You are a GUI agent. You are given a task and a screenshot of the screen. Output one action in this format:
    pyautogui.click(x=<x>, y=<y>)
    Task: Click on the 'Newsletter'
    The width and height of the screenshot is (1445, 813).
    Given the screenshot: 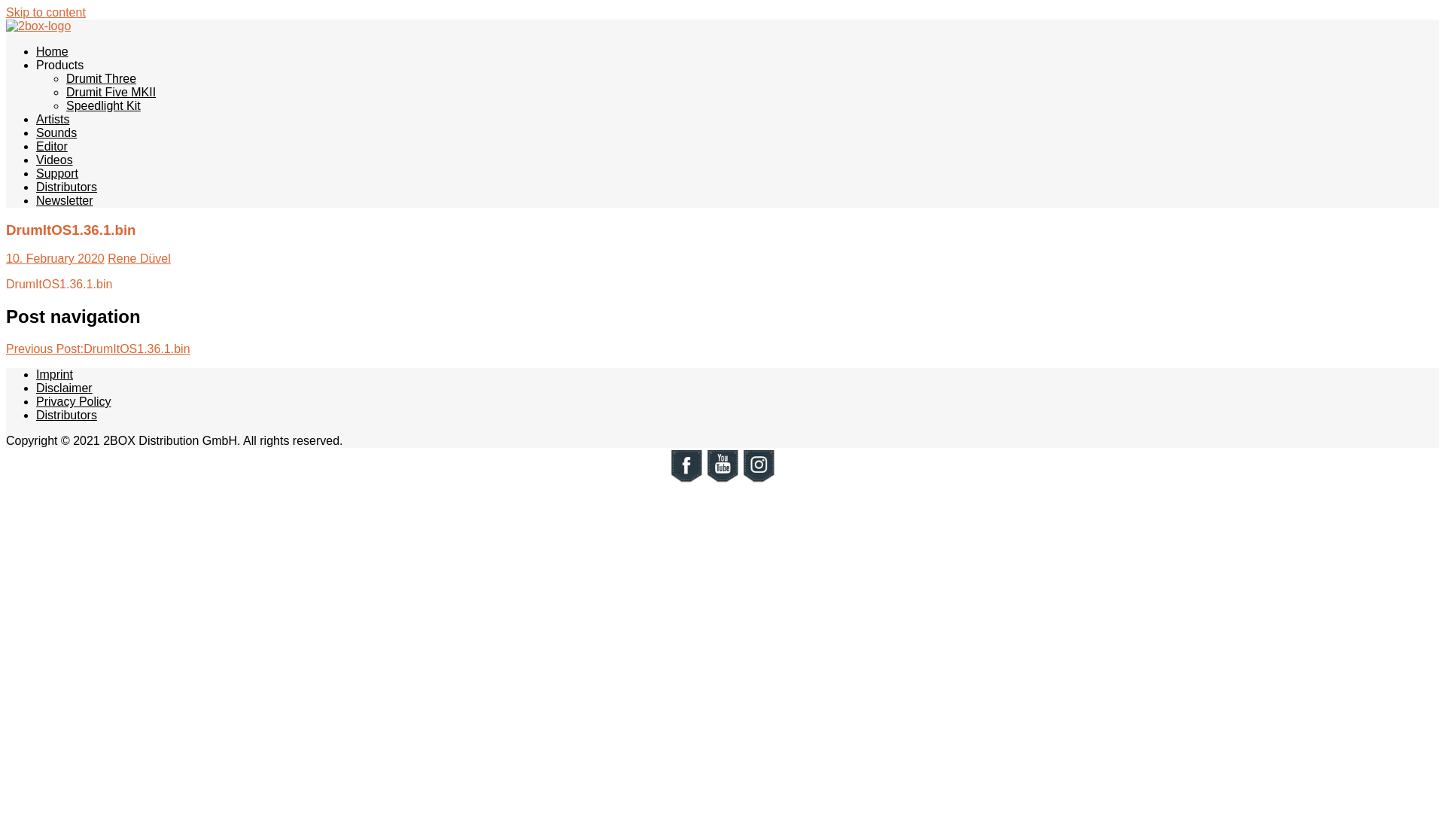 What is the action you would take?
    pyautogui.click(x=64, y=199)
    